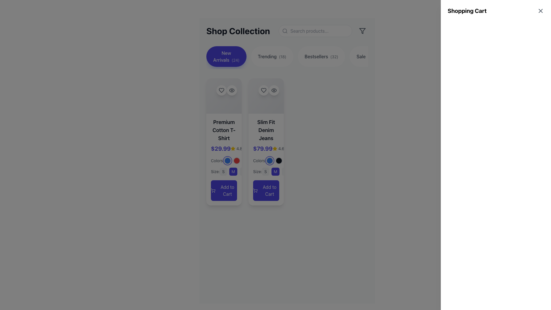 This screenshot has width=551, height=310. What do you see at coordinates (321, 56) in the screenshot?
I see `the 'Bestsellers(32)' button, which is a rounded rectangular button with a white background and gray text, to trigger a transition effect` at bounding box center [321, 56].